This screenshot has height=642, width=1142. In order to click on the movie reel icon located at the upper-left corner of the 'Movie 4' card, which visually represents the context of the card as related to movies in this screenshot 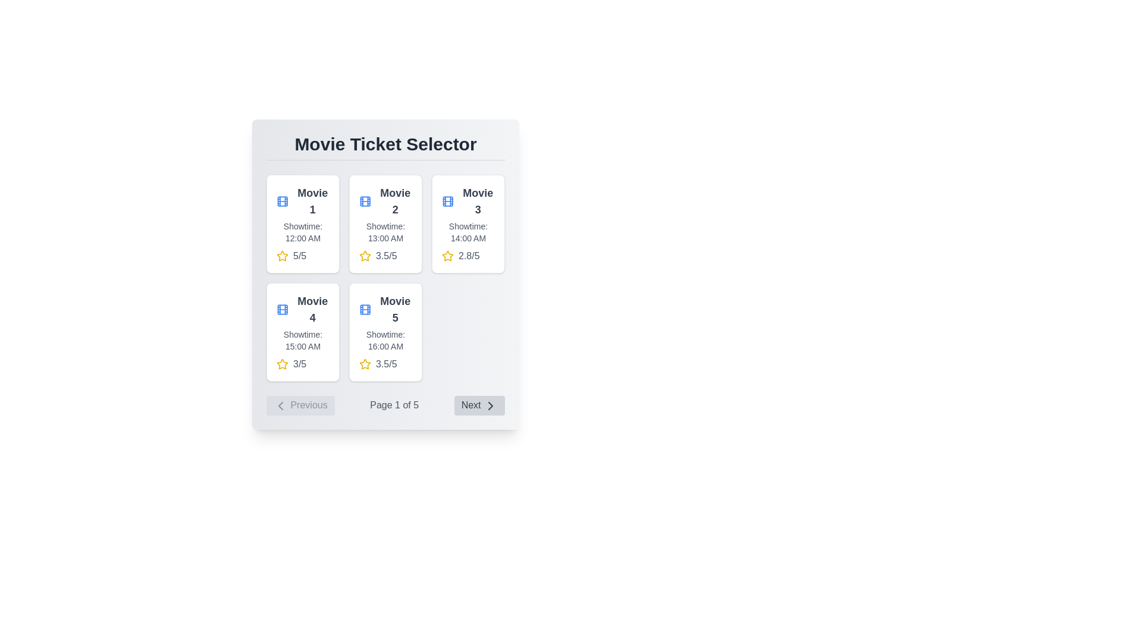, I will do `click(282, 309)`.